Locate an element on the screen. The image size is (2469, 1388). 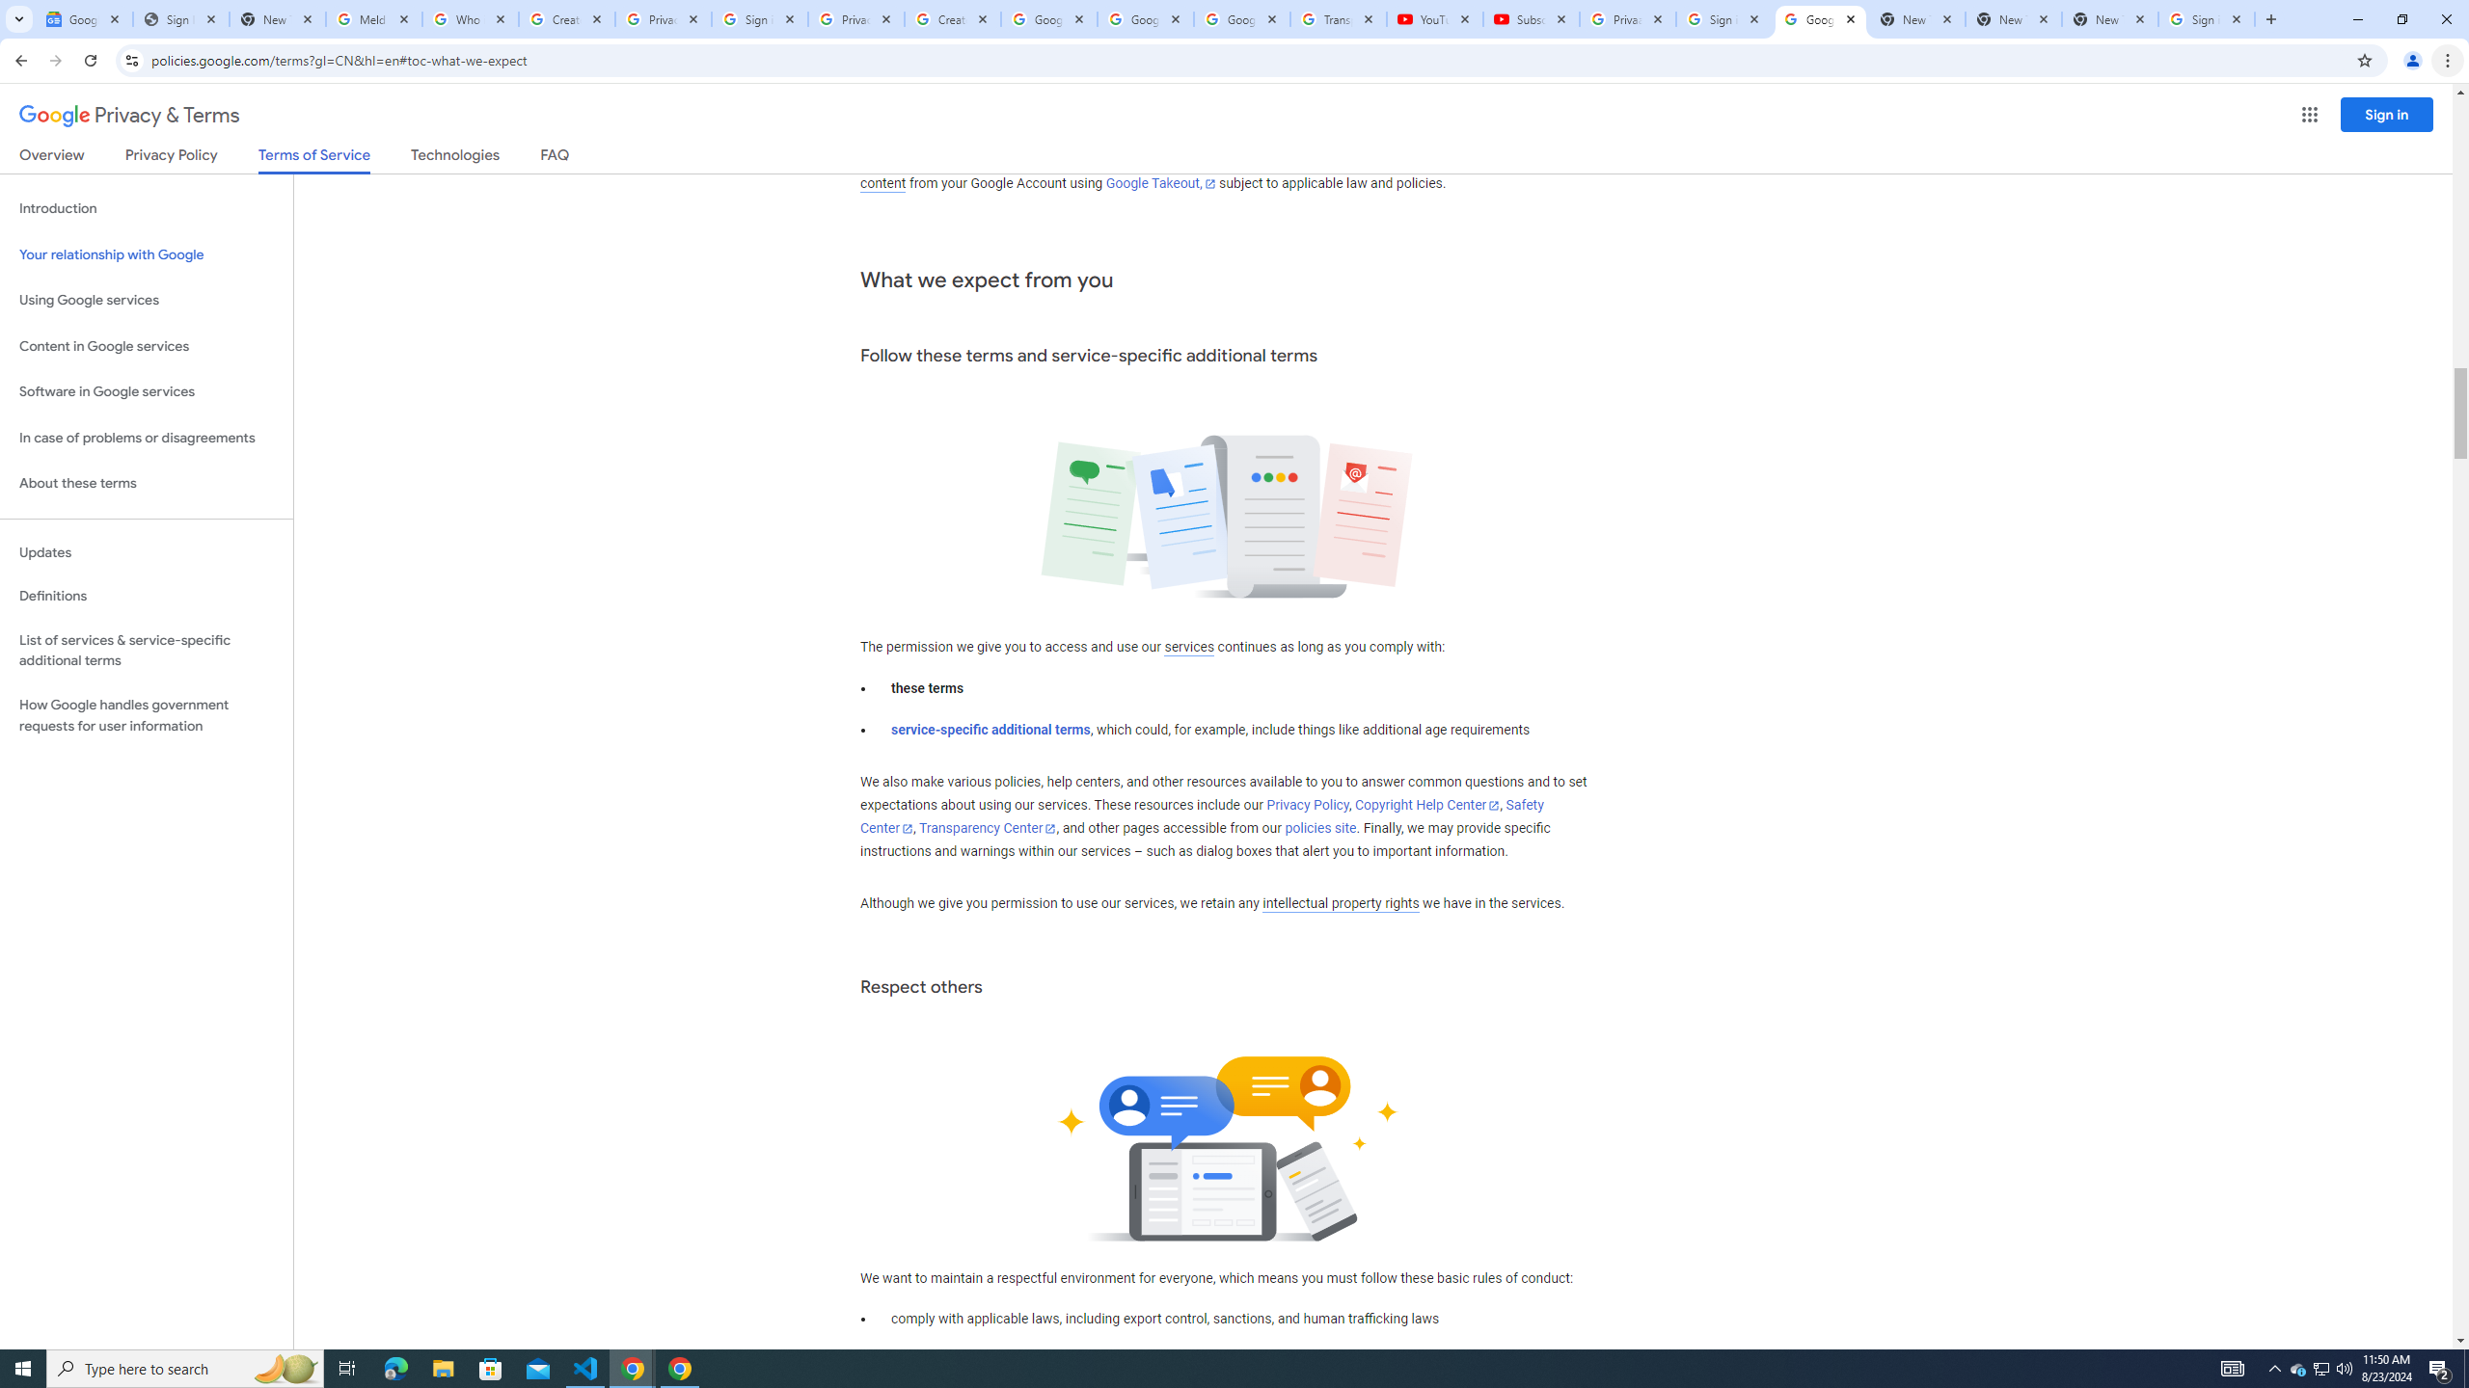
'Create your Google Account' is located at coordinates (952, 18).